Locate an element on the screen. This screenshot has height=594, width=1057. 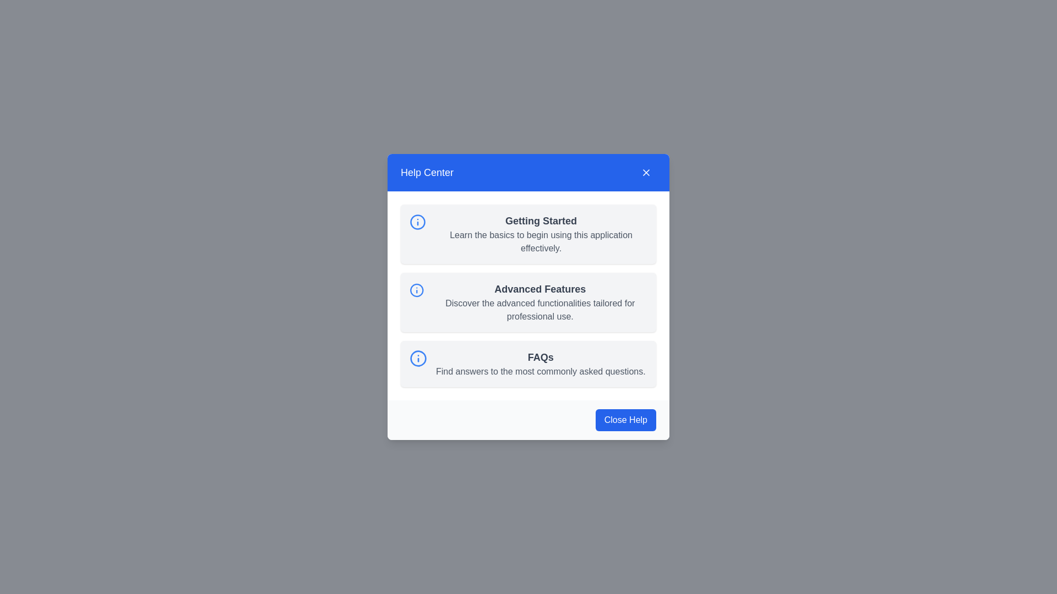
the blue 'Close Help' button located in the bottom-right corner of the help dialog is located at coordinates (625, 420).